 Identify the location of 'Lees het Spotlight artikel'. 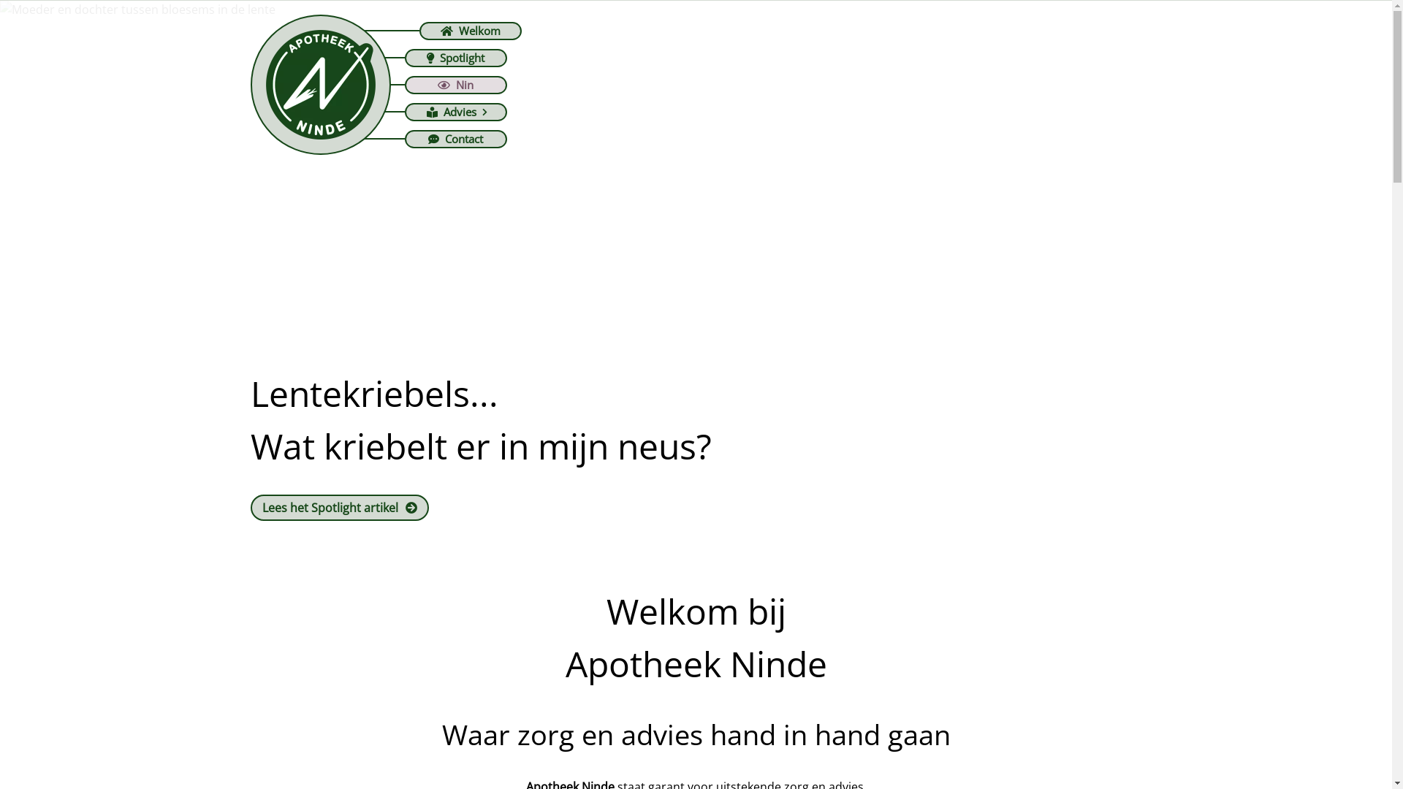
(249, 506).